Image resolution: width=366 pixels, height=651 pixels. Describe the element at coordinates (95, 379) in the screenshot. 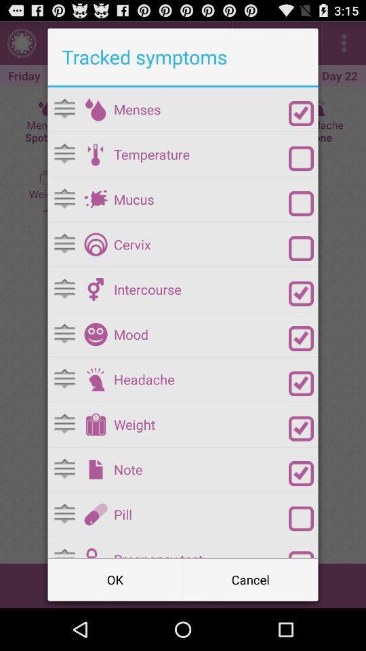

I see `headache option` at that location.